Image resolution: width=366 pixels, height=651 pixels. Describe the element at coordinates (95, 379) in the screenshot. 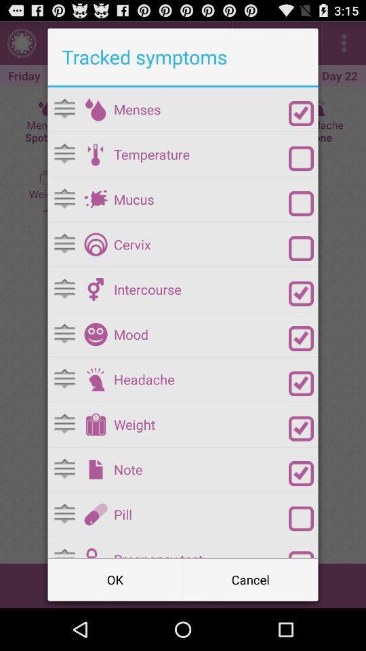

I see `headache option` at that location.